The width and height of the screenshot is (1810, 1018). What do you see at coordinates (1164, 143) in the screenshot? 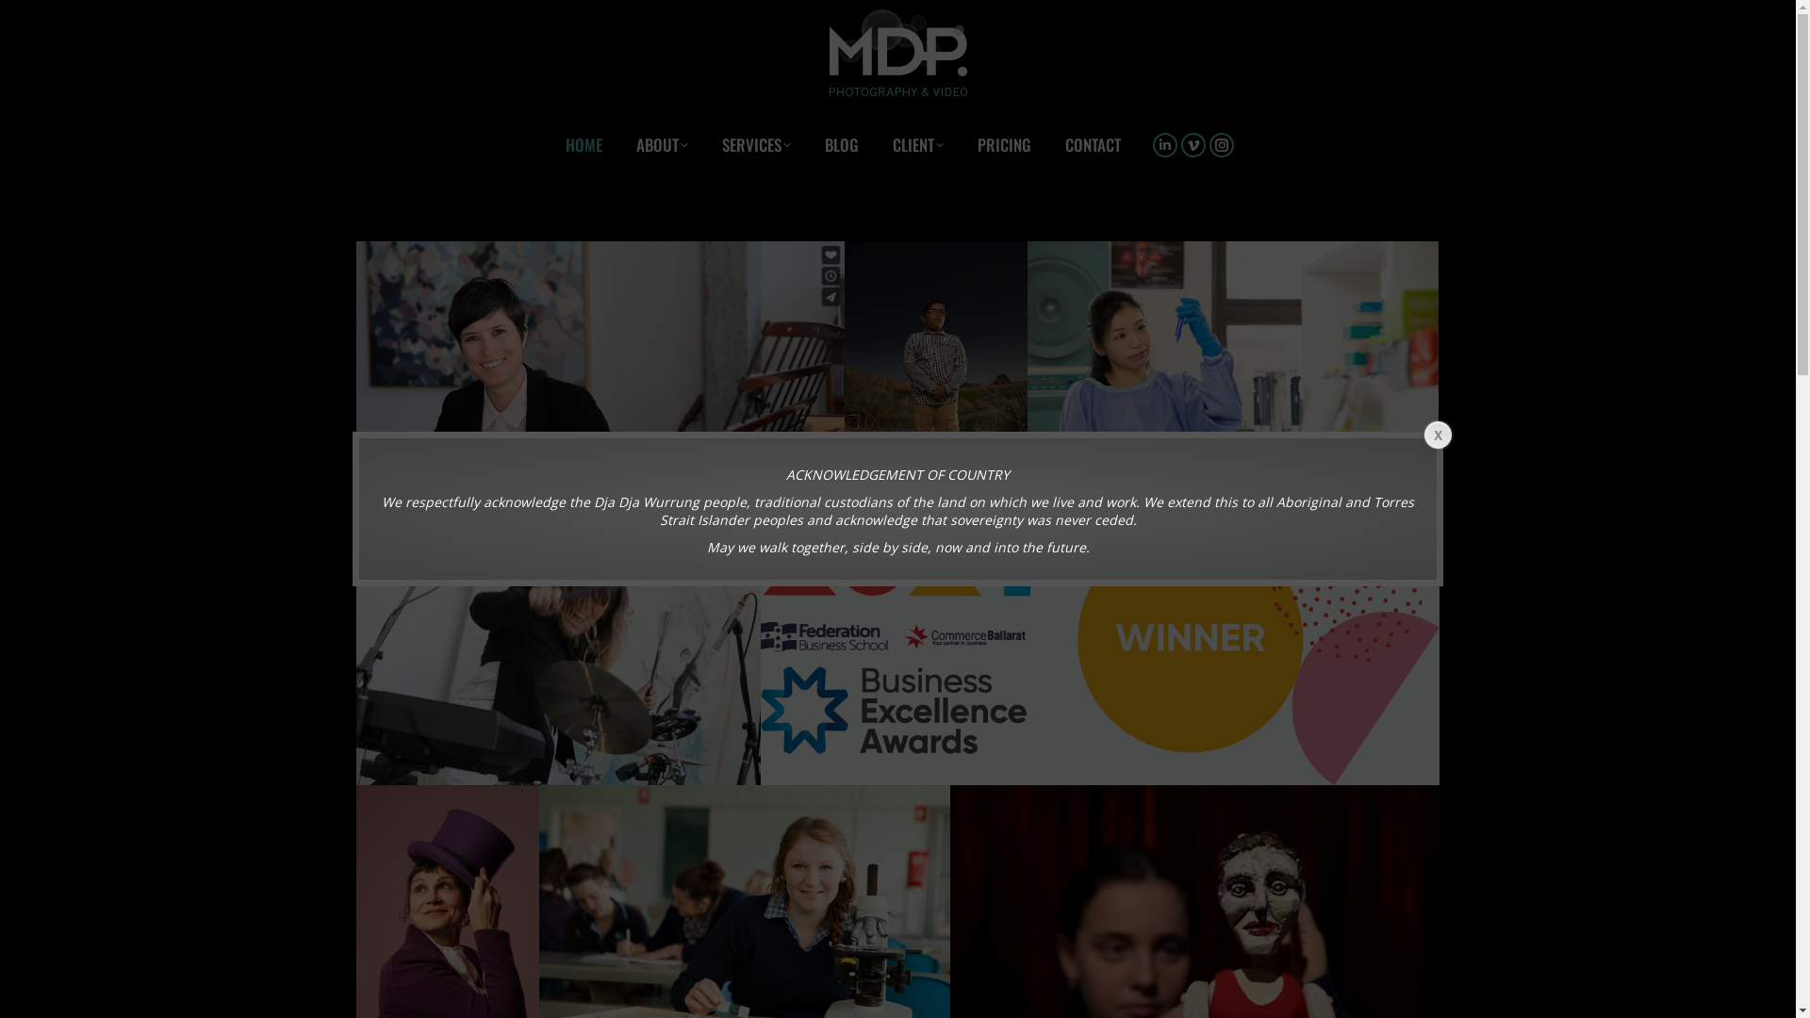
I see `'Linkedin page opens in new window'` at bounding box center [1164, 143].